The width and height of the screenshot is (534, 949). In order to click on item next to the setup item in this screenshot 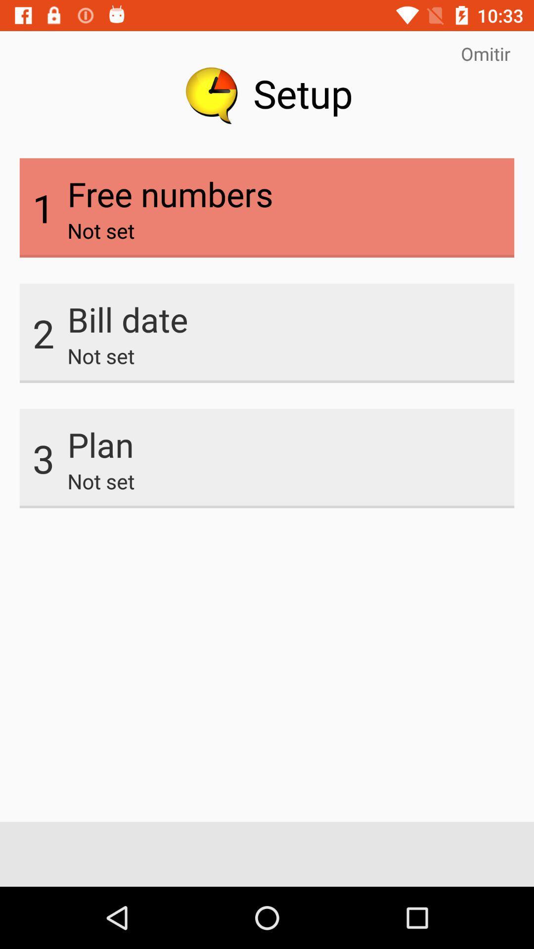, I will do `click(485, 53)`.